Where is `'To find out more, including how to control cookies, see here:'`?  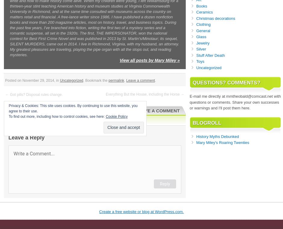 'To find out more, including how to control cookies, see here:' is located at coordinates (57, 116).